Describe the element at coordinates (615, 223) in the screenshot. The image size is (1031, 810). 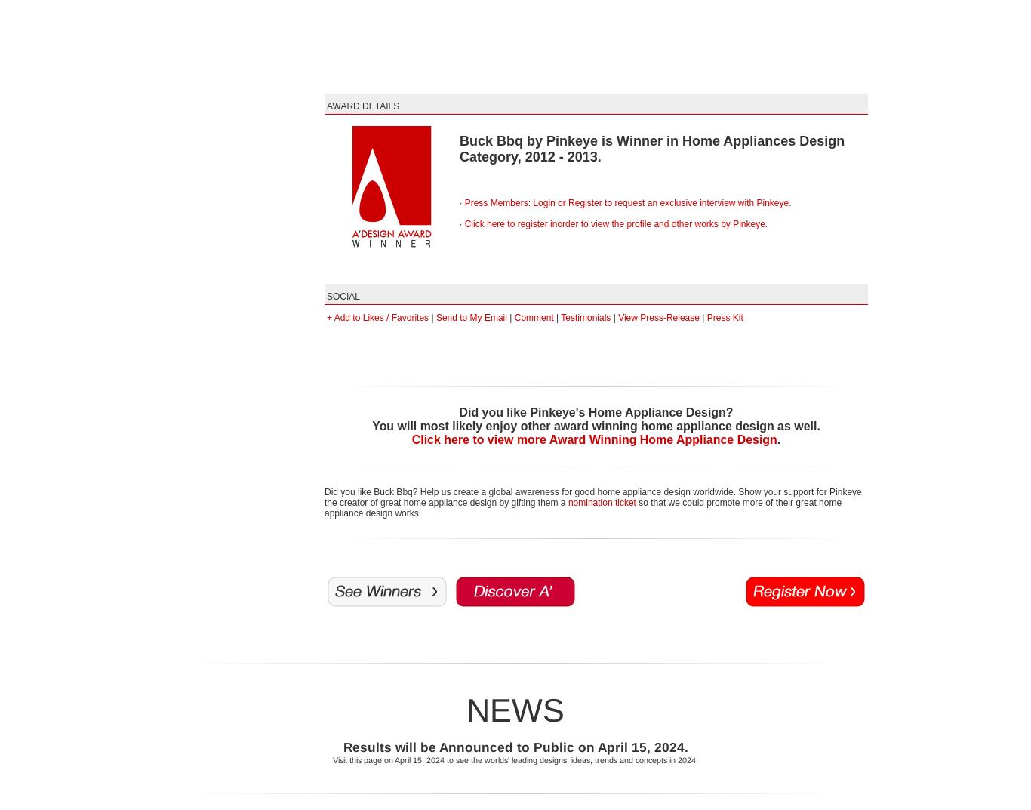
I see `'Click here to register inorder to view the profile and other works by Pinkeye.'` at that location.